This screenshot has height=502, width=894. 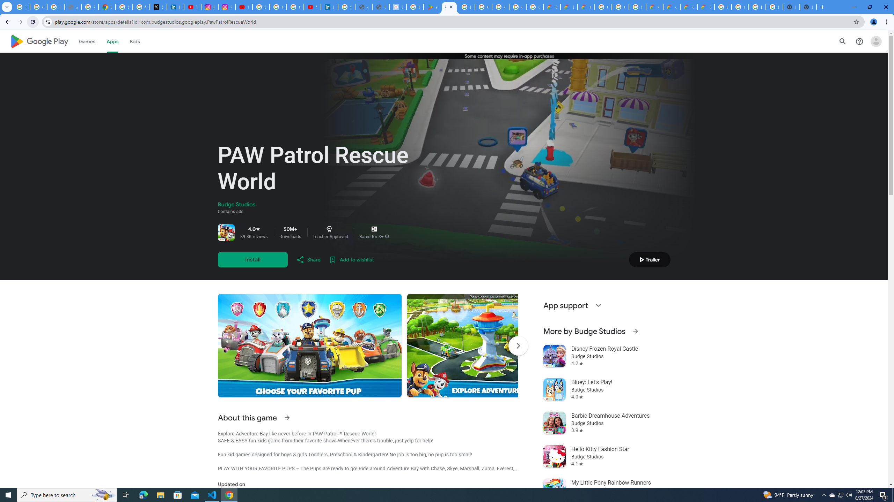 I want to click on 'Install', so click(x=252, y=259).